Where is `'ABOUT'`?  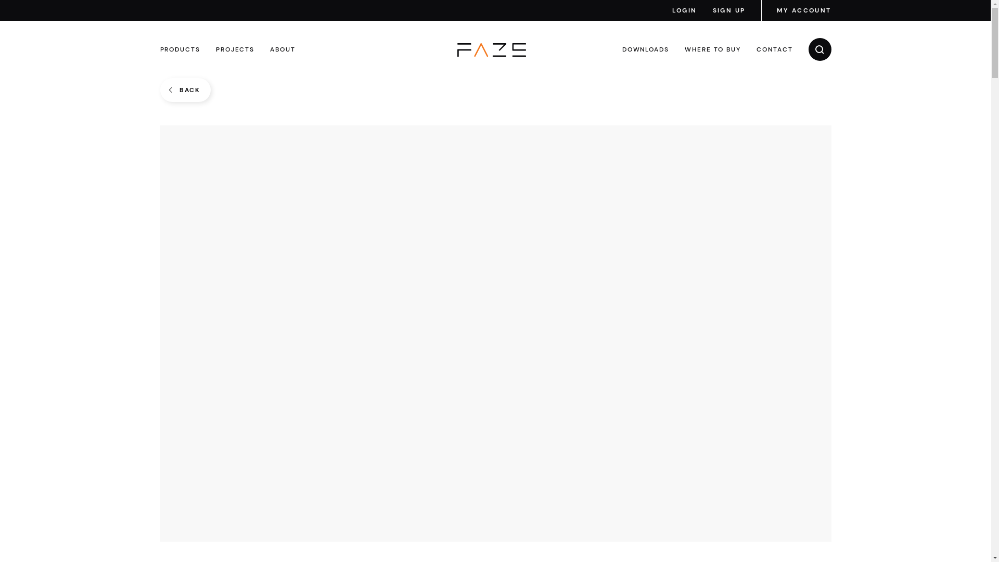
'ABOUT' is located at coordinates (283, 49).